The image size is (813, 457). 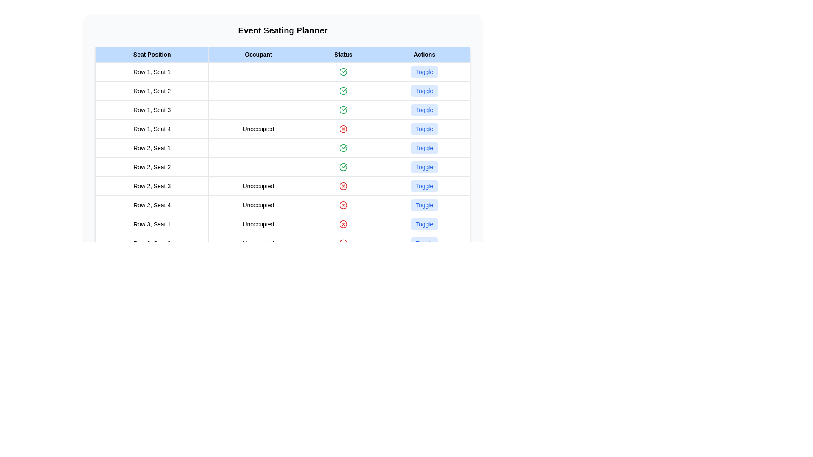 What do you see at coordinates (152, 243) in the screenshot?
I see `text displayed in the table cell labeled 'Row 3, Seat 2'` at bounding box center [152, 243].